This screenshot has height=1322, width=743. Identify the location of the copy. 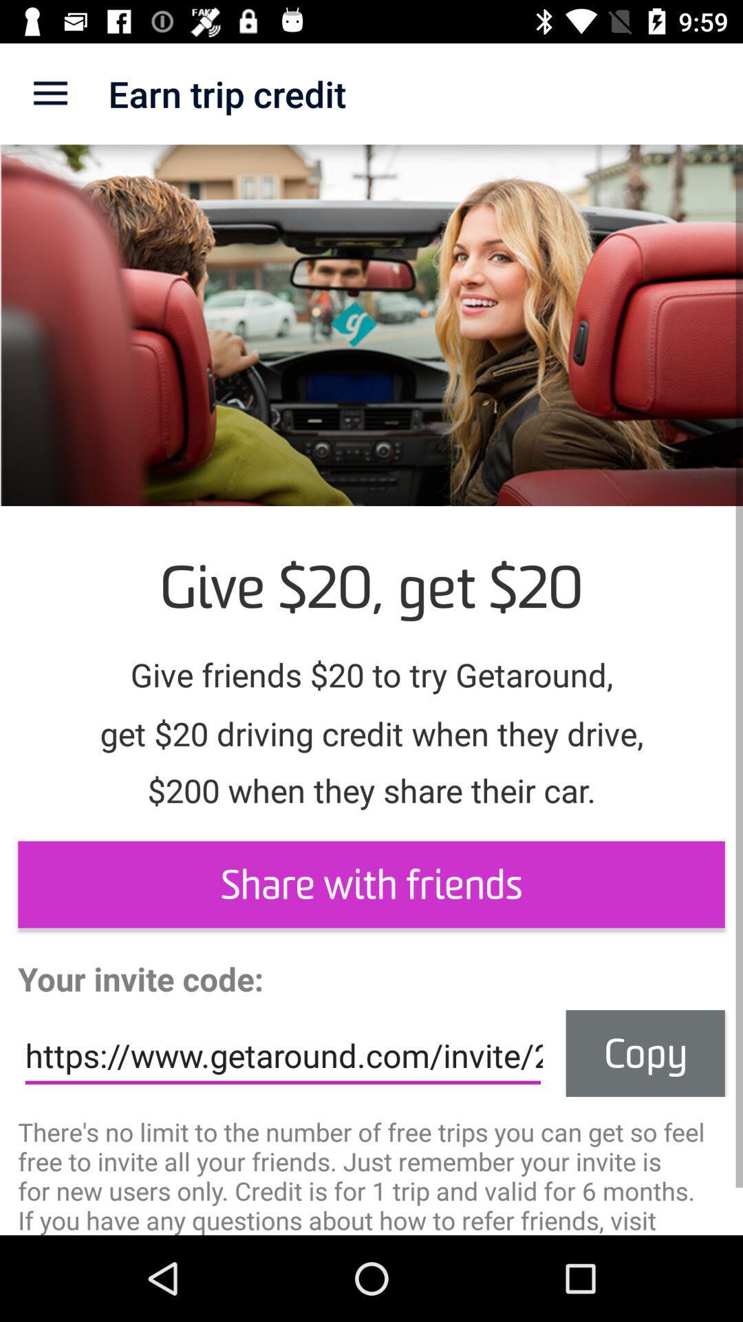
(645, 1053).